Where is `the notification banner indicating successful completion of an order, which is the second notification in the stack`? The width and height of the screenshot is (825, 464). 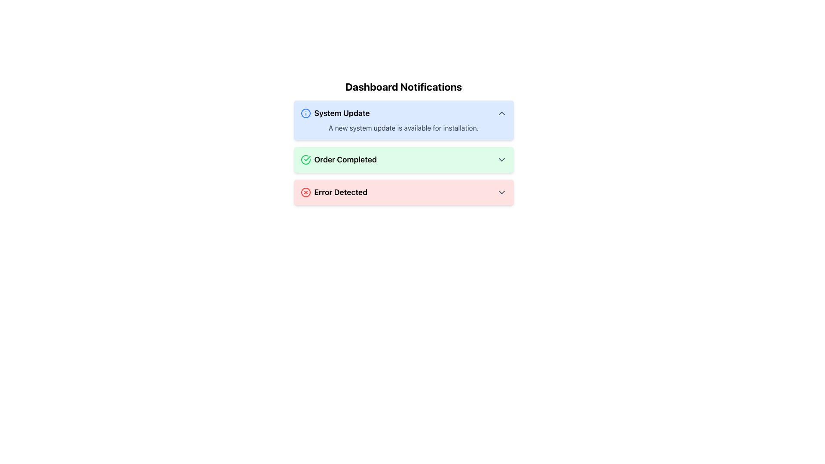
the notification banner indicating successful completion of an order, which is the second notification in the stack is located at coordinates (403, 159).